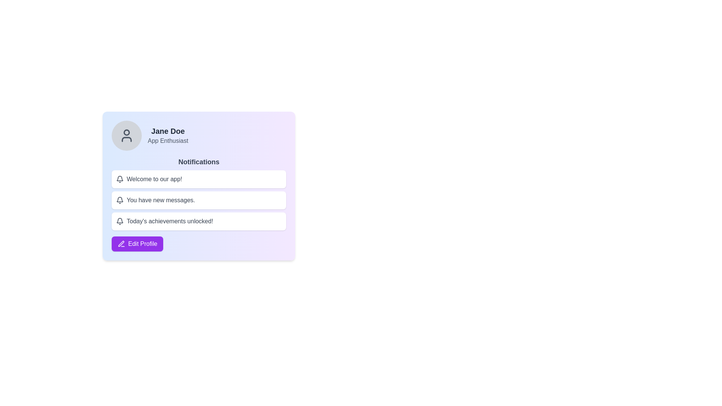  I want to click on the static text label that serves as the header message in the notifications section, welcoming the user to the application, so click(154, 179).